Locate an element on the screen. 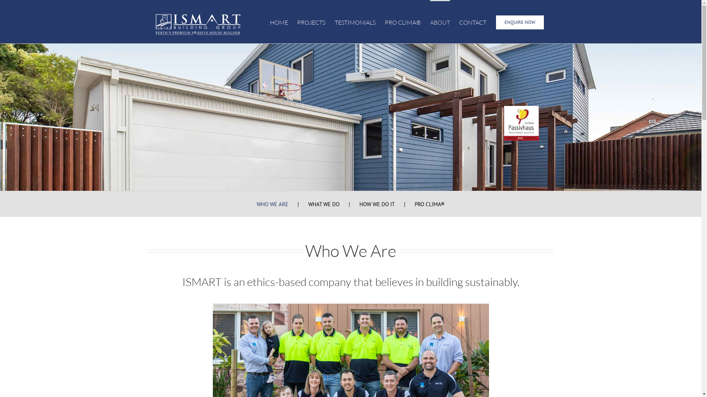  'WHO WE ARE' is located at coordinates (282, 204).